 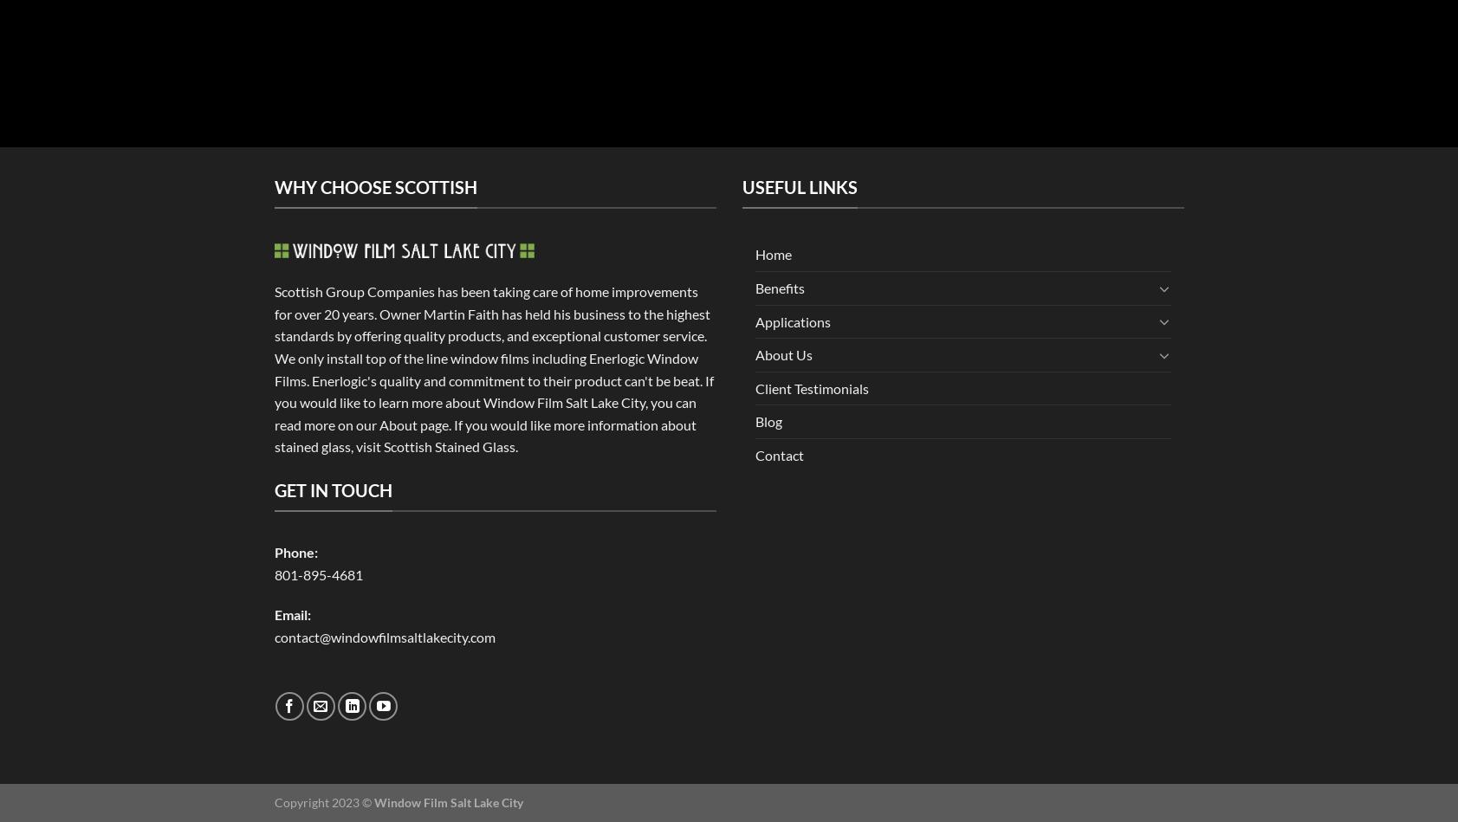 I want to click on 'Scottish Group Companies has been taking care of home improvements for over 20 years. Owner Martin Faith has held his business to the highest standards by offering quality products, and exceptional customer service. We only install top of the line window films including Enerlogic Window Films. Enerlogic's quality and commitment to their product can't be beat. If you would like to learn more about Window Film Salt Lake City, you can read more on our About page. If you would like more information about stained glass, visit Scottish Stained Glass.', so click(x=492, y=369).